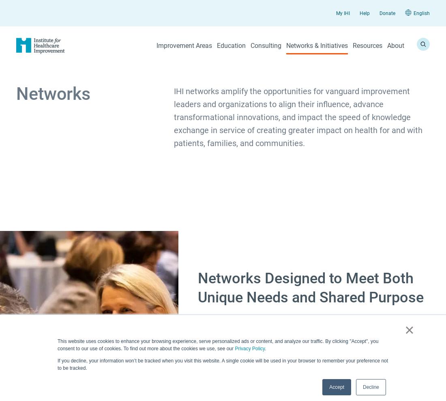 This screenshot has width=446, height=401. I want to click on 'Age-Friendly Health Systems', so click(209, 111).